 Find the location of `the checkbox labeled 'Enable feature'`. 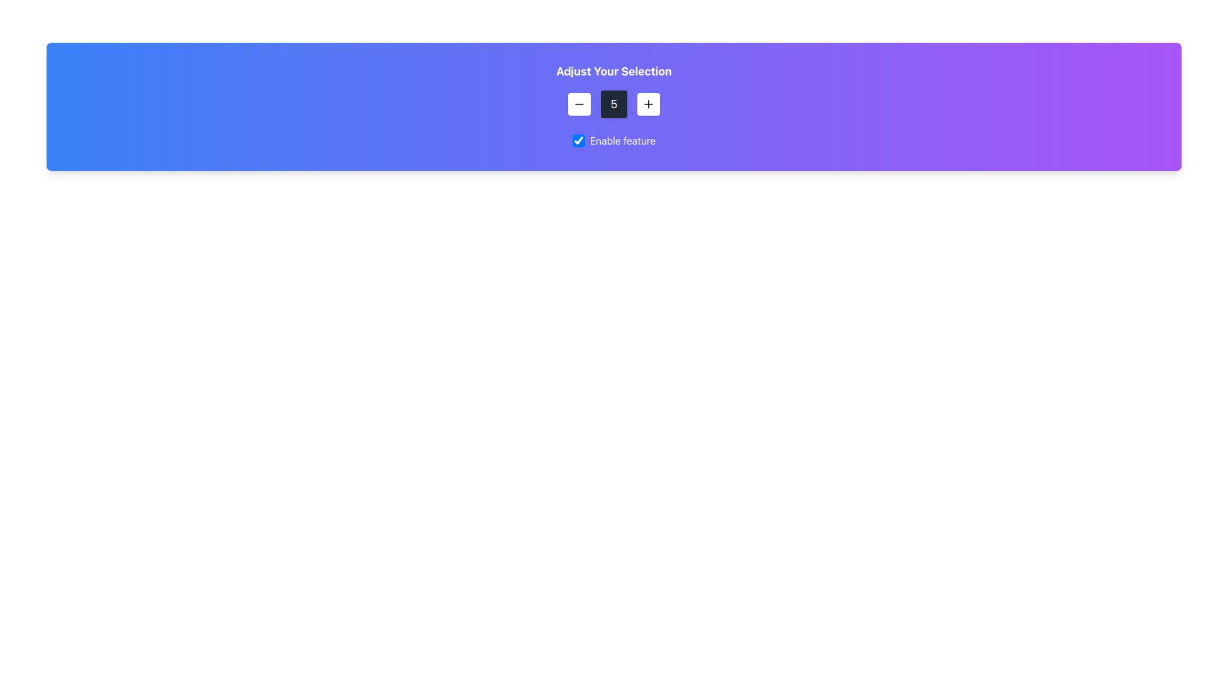

the checkbox labeled 'Enable feature' is located at coordinates (613, 141).